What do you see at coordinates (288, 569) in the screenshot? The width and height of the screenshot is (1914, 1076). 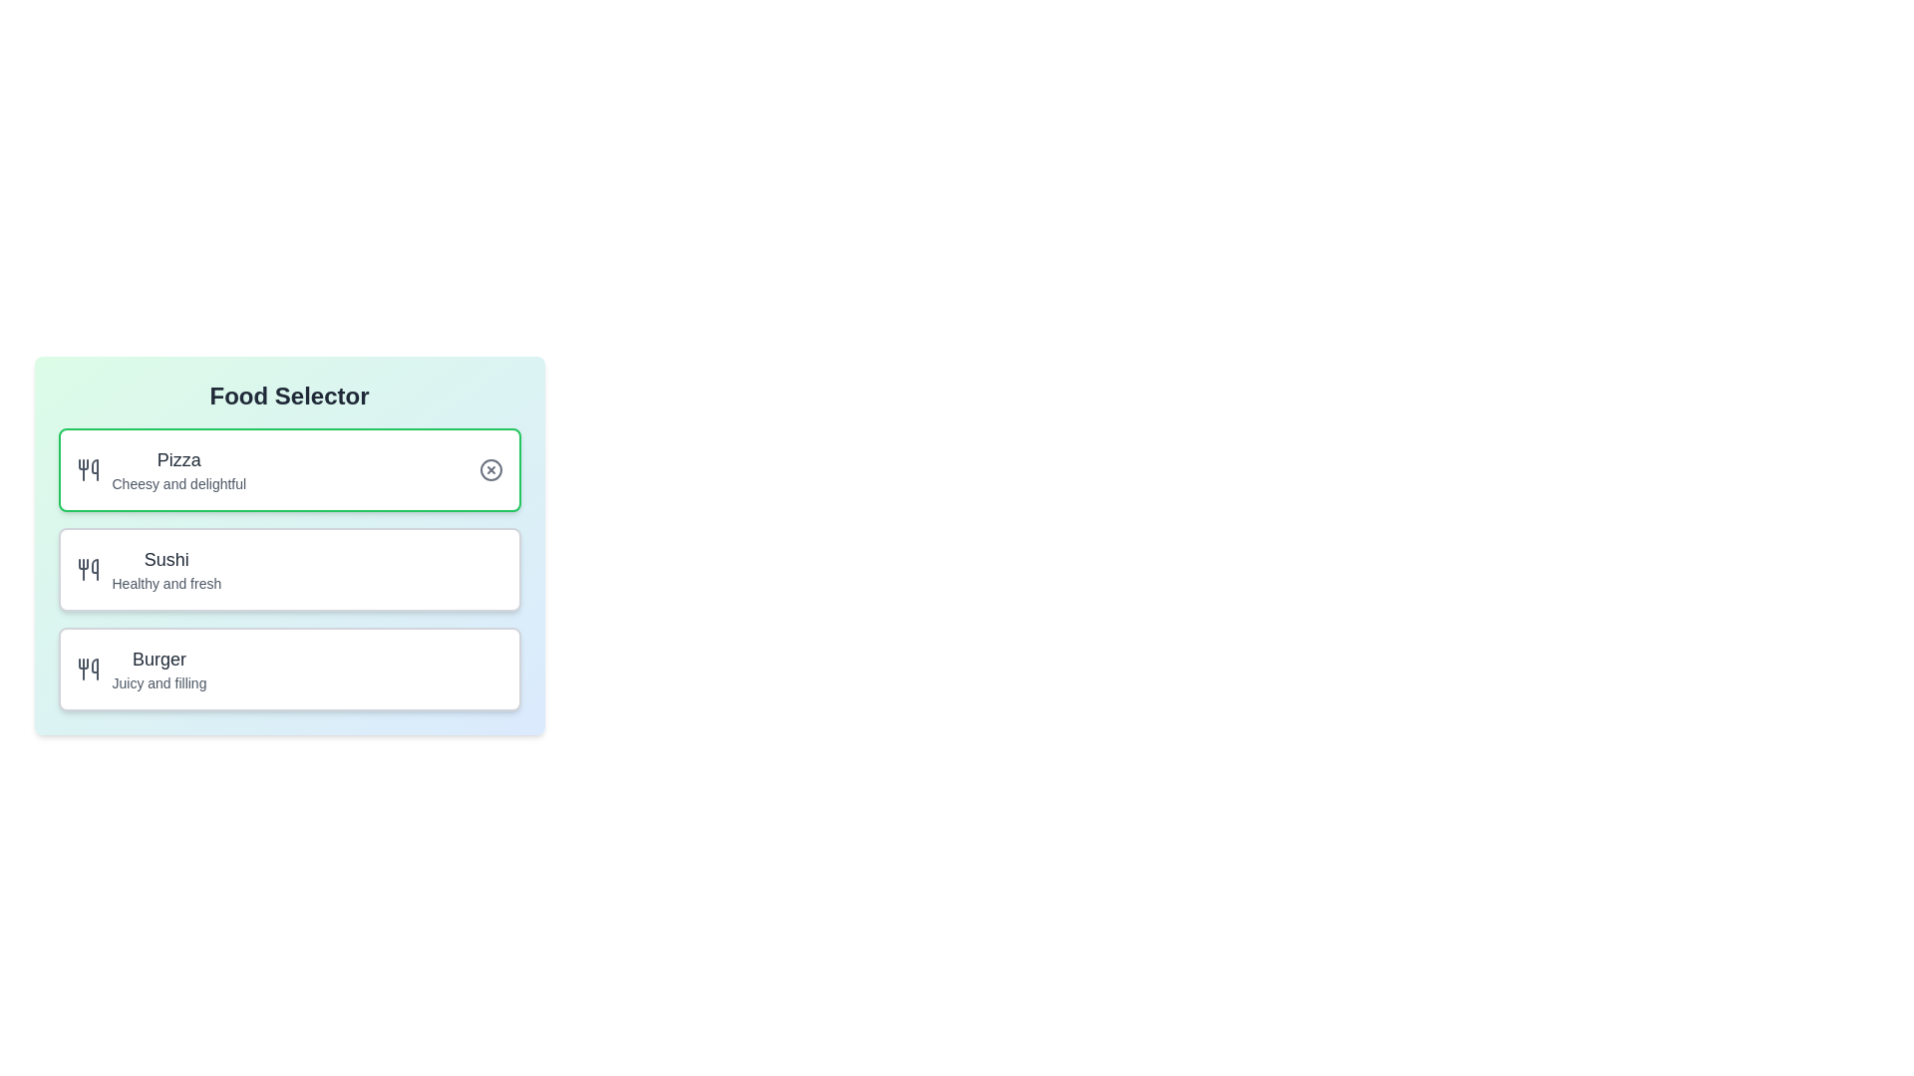 I see `the description of the selected food item, Sushi` at bounding box center [288, 569].